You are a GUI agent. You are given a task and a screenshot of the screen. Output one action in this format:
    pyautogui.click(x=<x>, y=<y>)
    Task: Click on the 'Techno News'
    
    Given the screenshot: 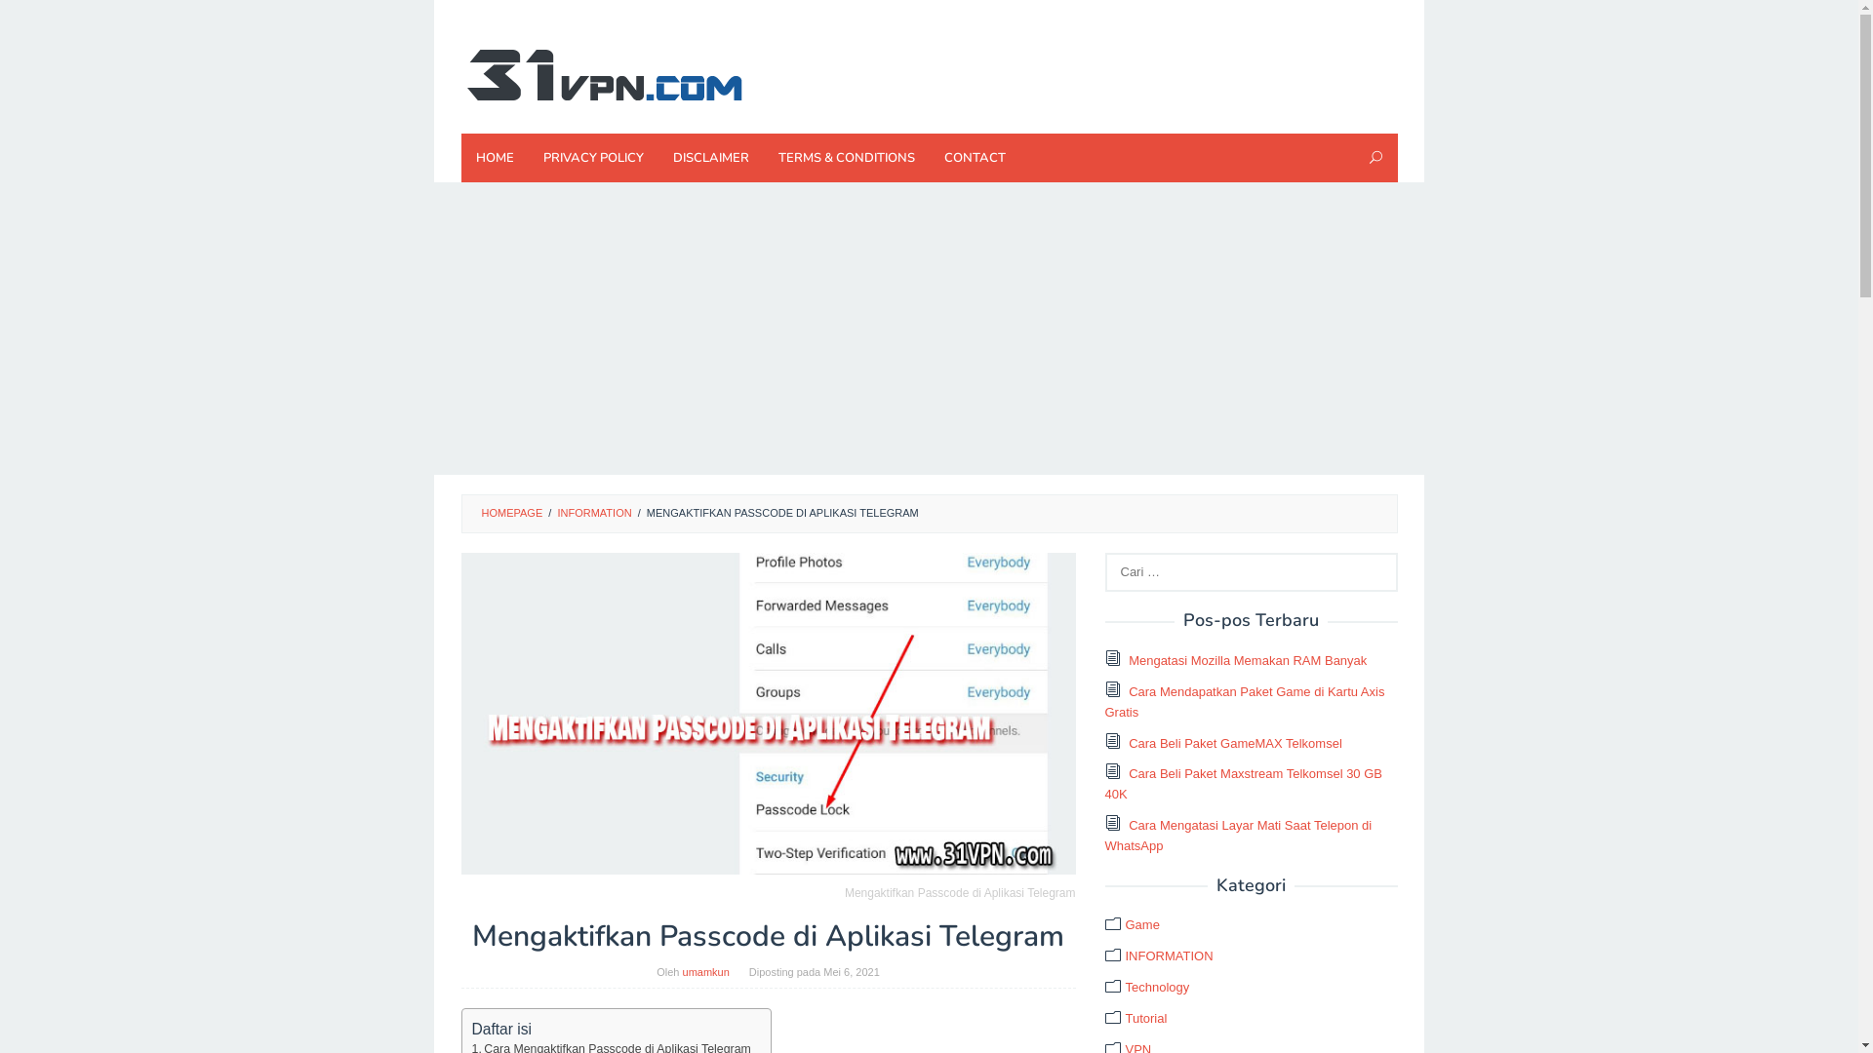 What is the action you would take?
    pyautogui.click(x=600, y=71)
    